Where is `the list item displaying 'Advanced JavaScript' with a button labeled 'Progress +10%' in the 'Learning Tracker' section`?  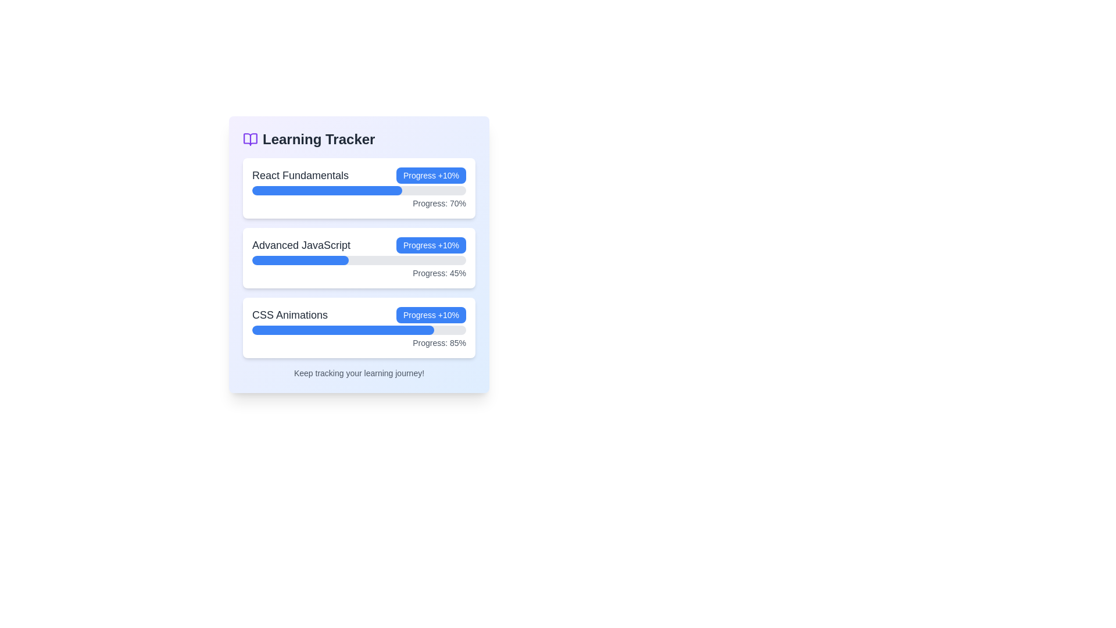
the list item displaying 'Advanced JavaScript' with a button labeled 'Progress +10%' in the 'Learning Tracker' section is located at coordinates (359, 244).